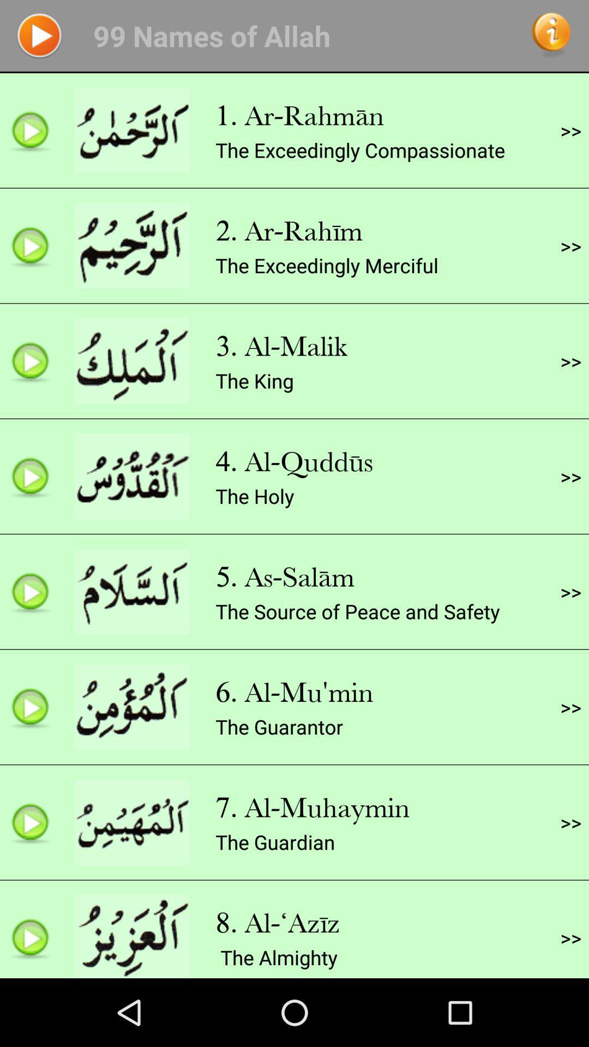 The height and width of the screenshot is (1047, 589). Describe the element at coordinates (255, 495) in the screenshot. I see `the holy app` at that location.